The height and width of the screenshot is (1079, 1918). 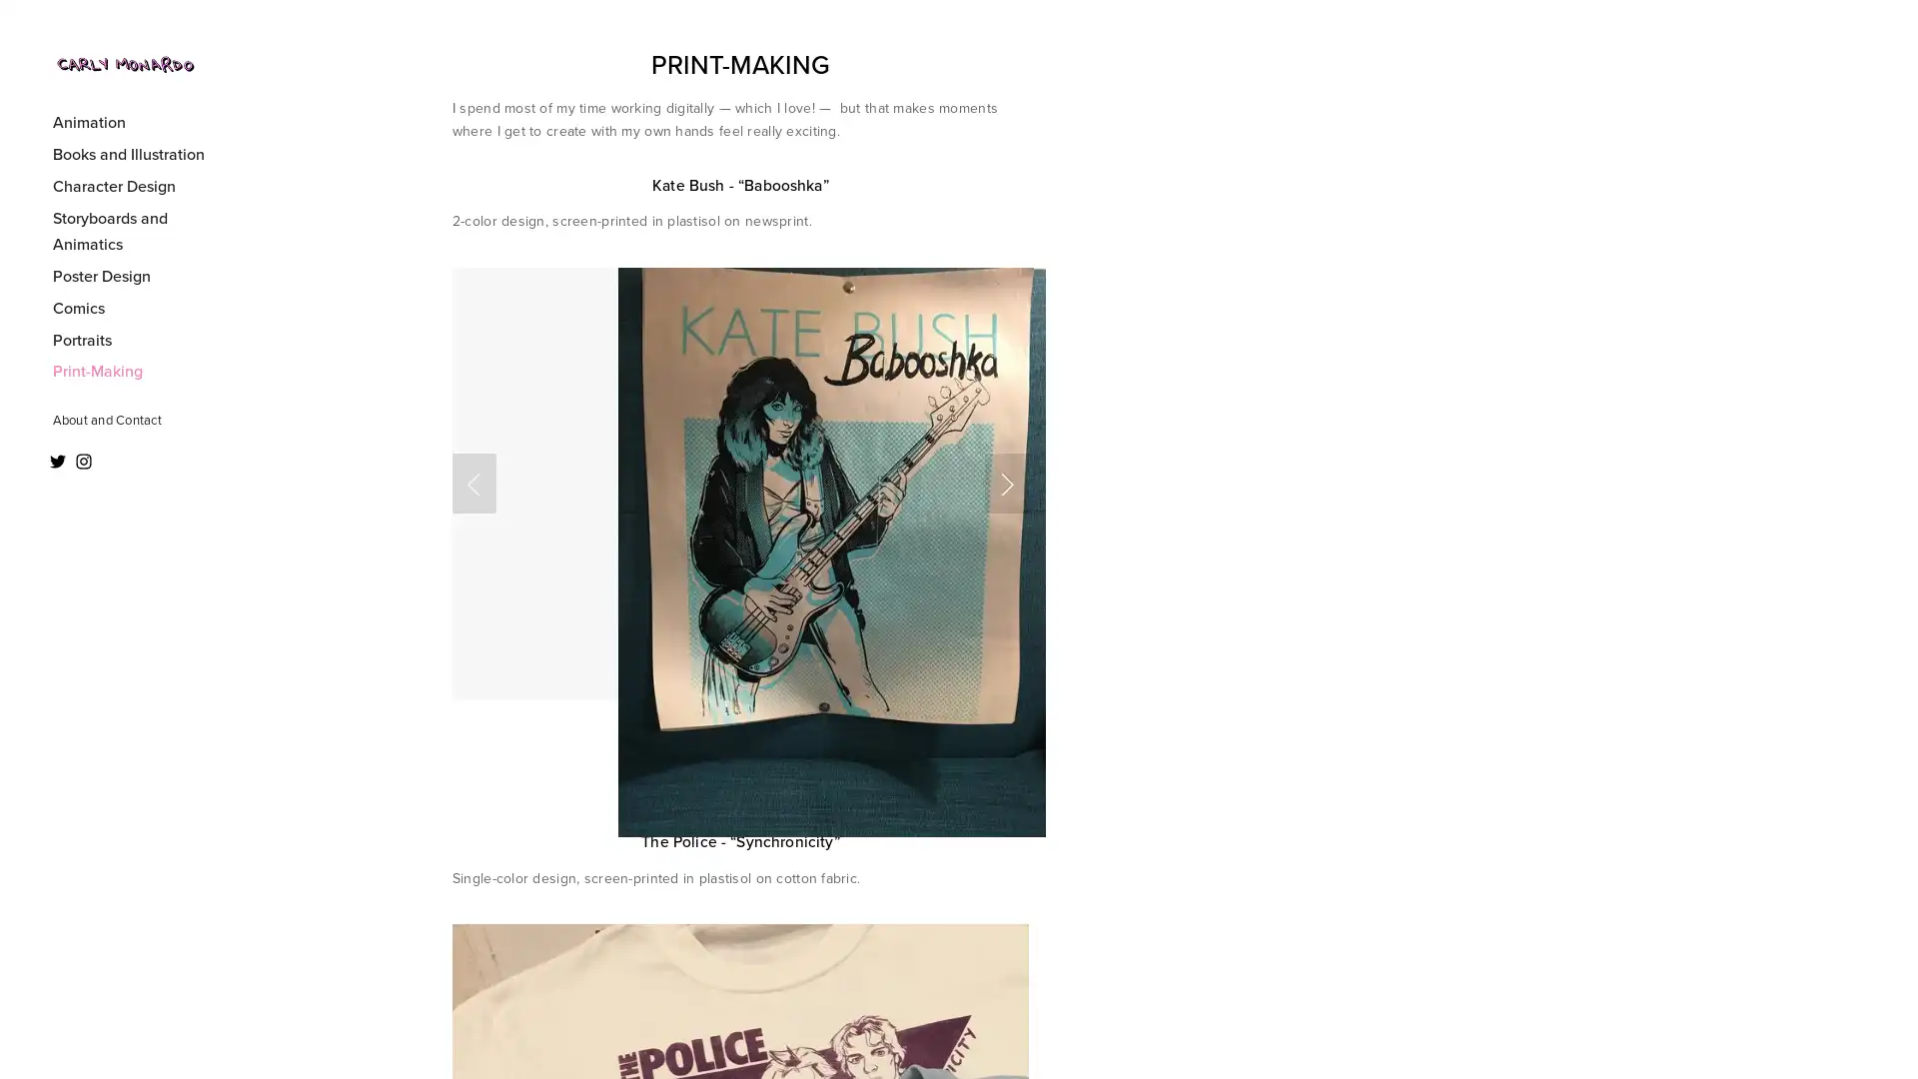 What do you see at coordinates (716, 758) in the screenshot?
I see `Slide 2` at bounding box center [716, 758].